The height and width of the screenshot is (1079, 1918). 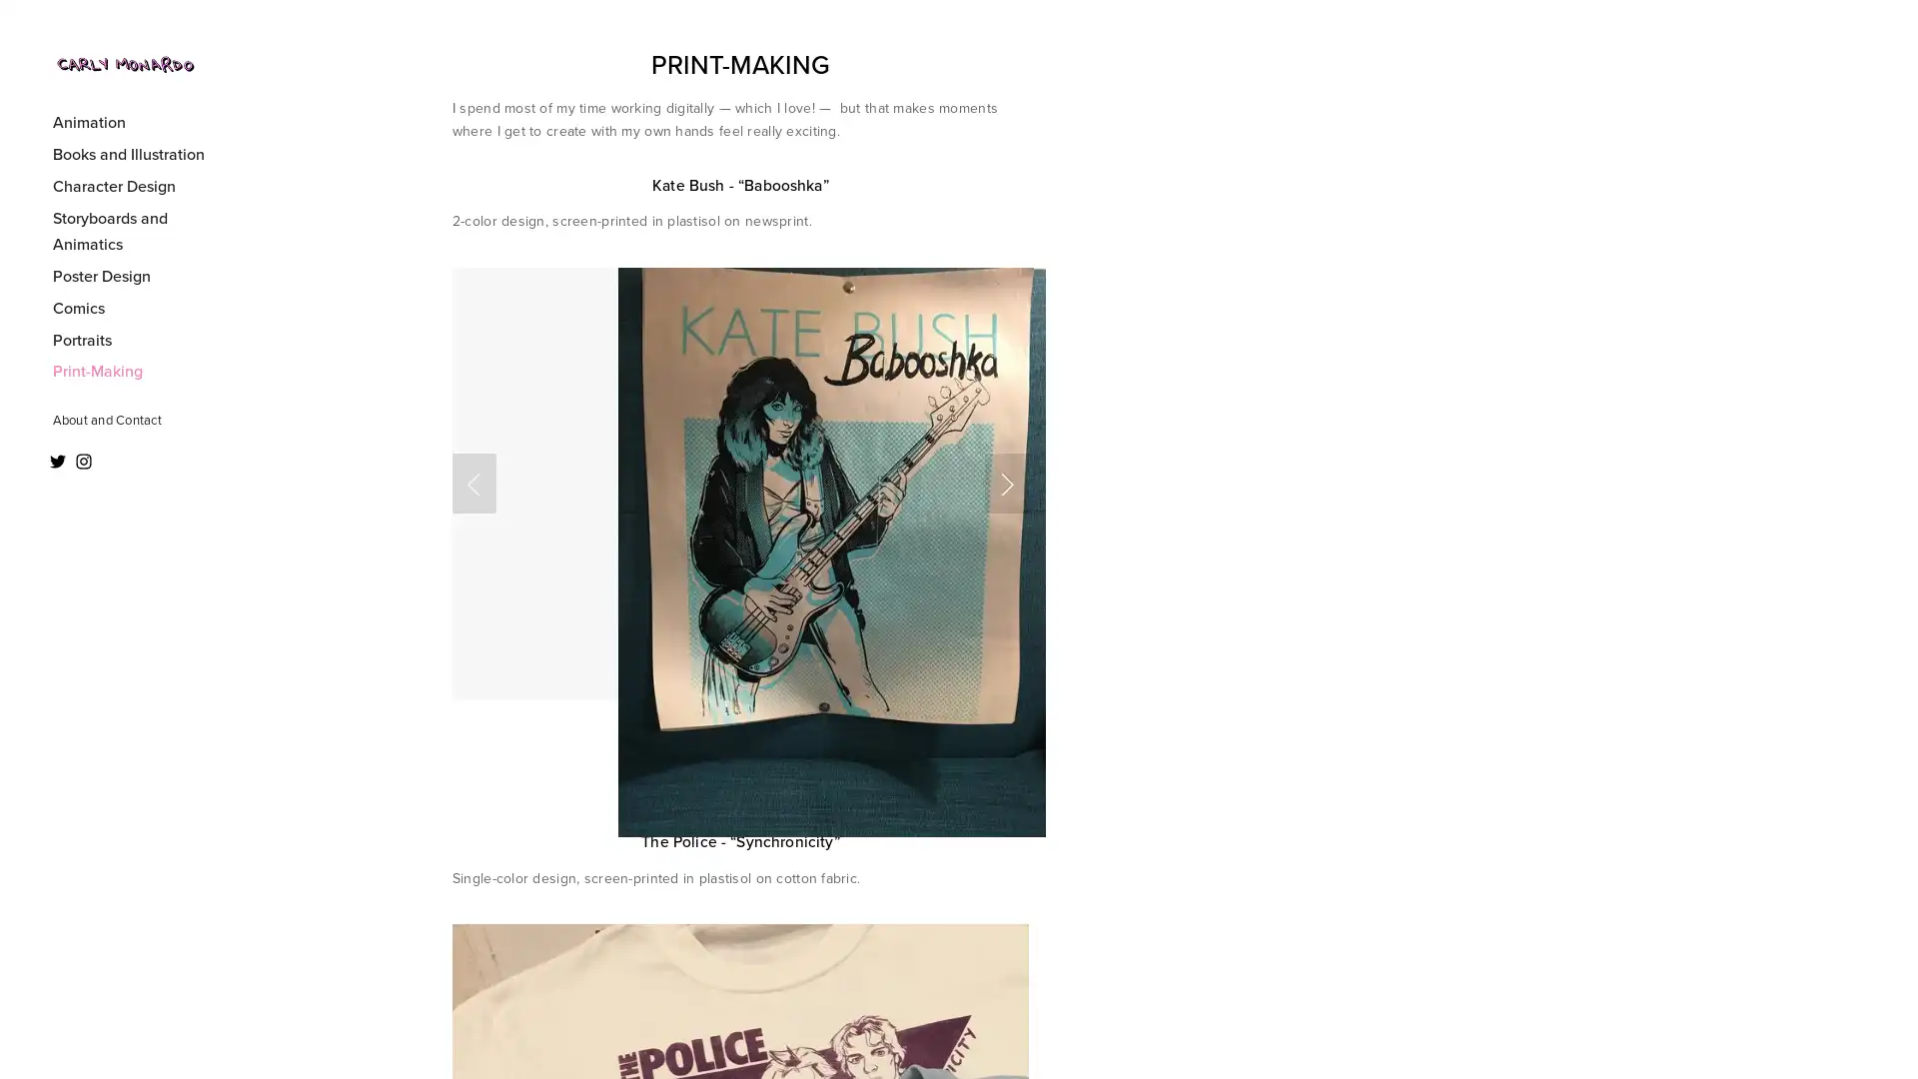 What do you see at coordinates (716, 758) in the screenshot?
I see `Slide 2` at bounding box center [716, 758].